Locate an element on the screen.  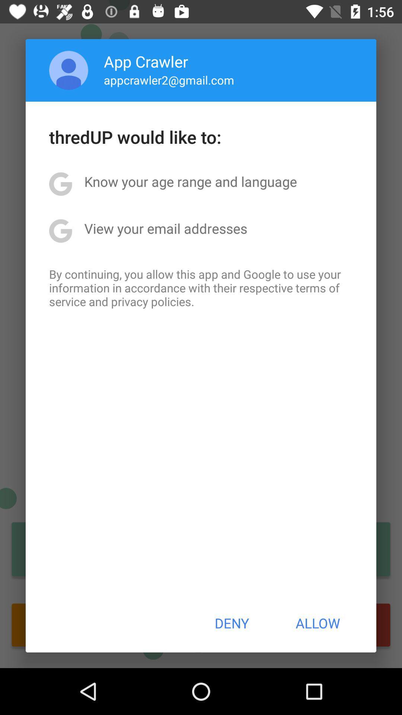
the appcrawler2@gmail.com app is located at coordinates (169, 80).